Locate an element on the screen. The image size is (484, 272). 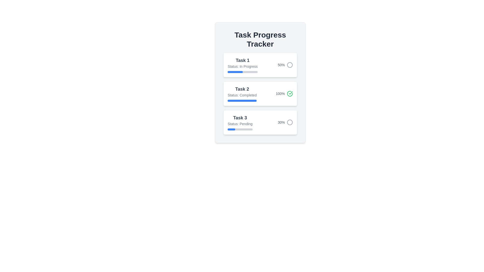
the state of the Progress bar, which visually represents a task progress of 50% with a blue bar over a gray background, located beneath the 'Task 1' block is located at coordinates (235, 72).